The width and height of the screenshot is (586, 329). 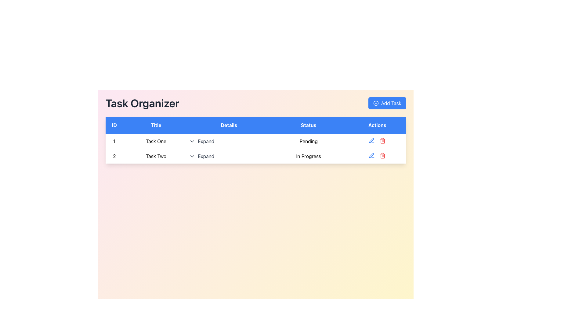 What do you see at coordinates (206, 141) in the screenshot?
I see `the 'Expand' label, which displays the text in gray and is located in the second row under the 'Details' column, positioned to the right of a small arrow icon` at bounding box center [206, 141].